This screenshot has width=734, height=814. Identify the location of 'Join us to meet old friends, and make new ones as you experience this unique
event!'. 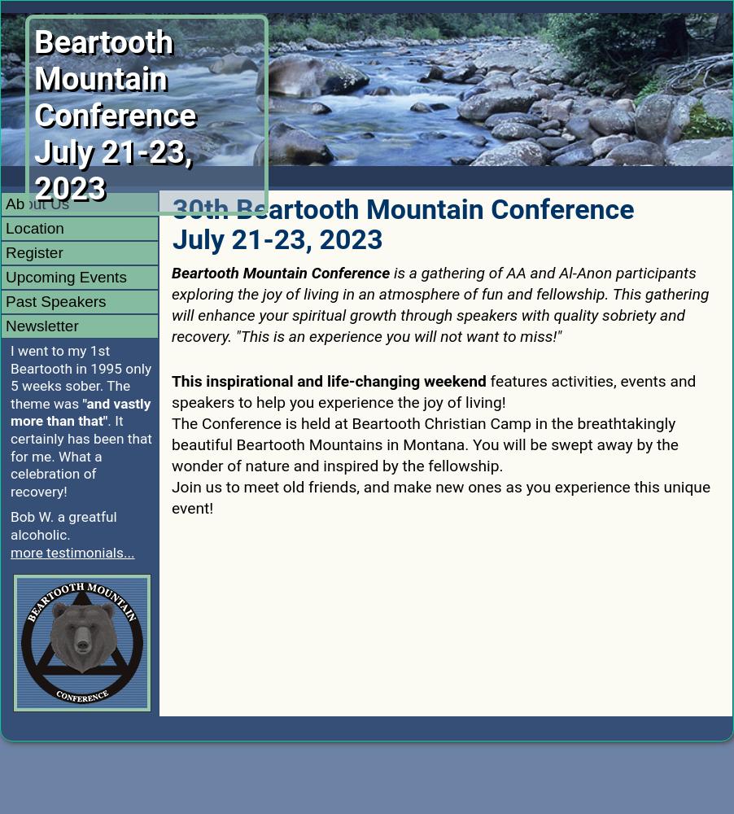
(441, 496).